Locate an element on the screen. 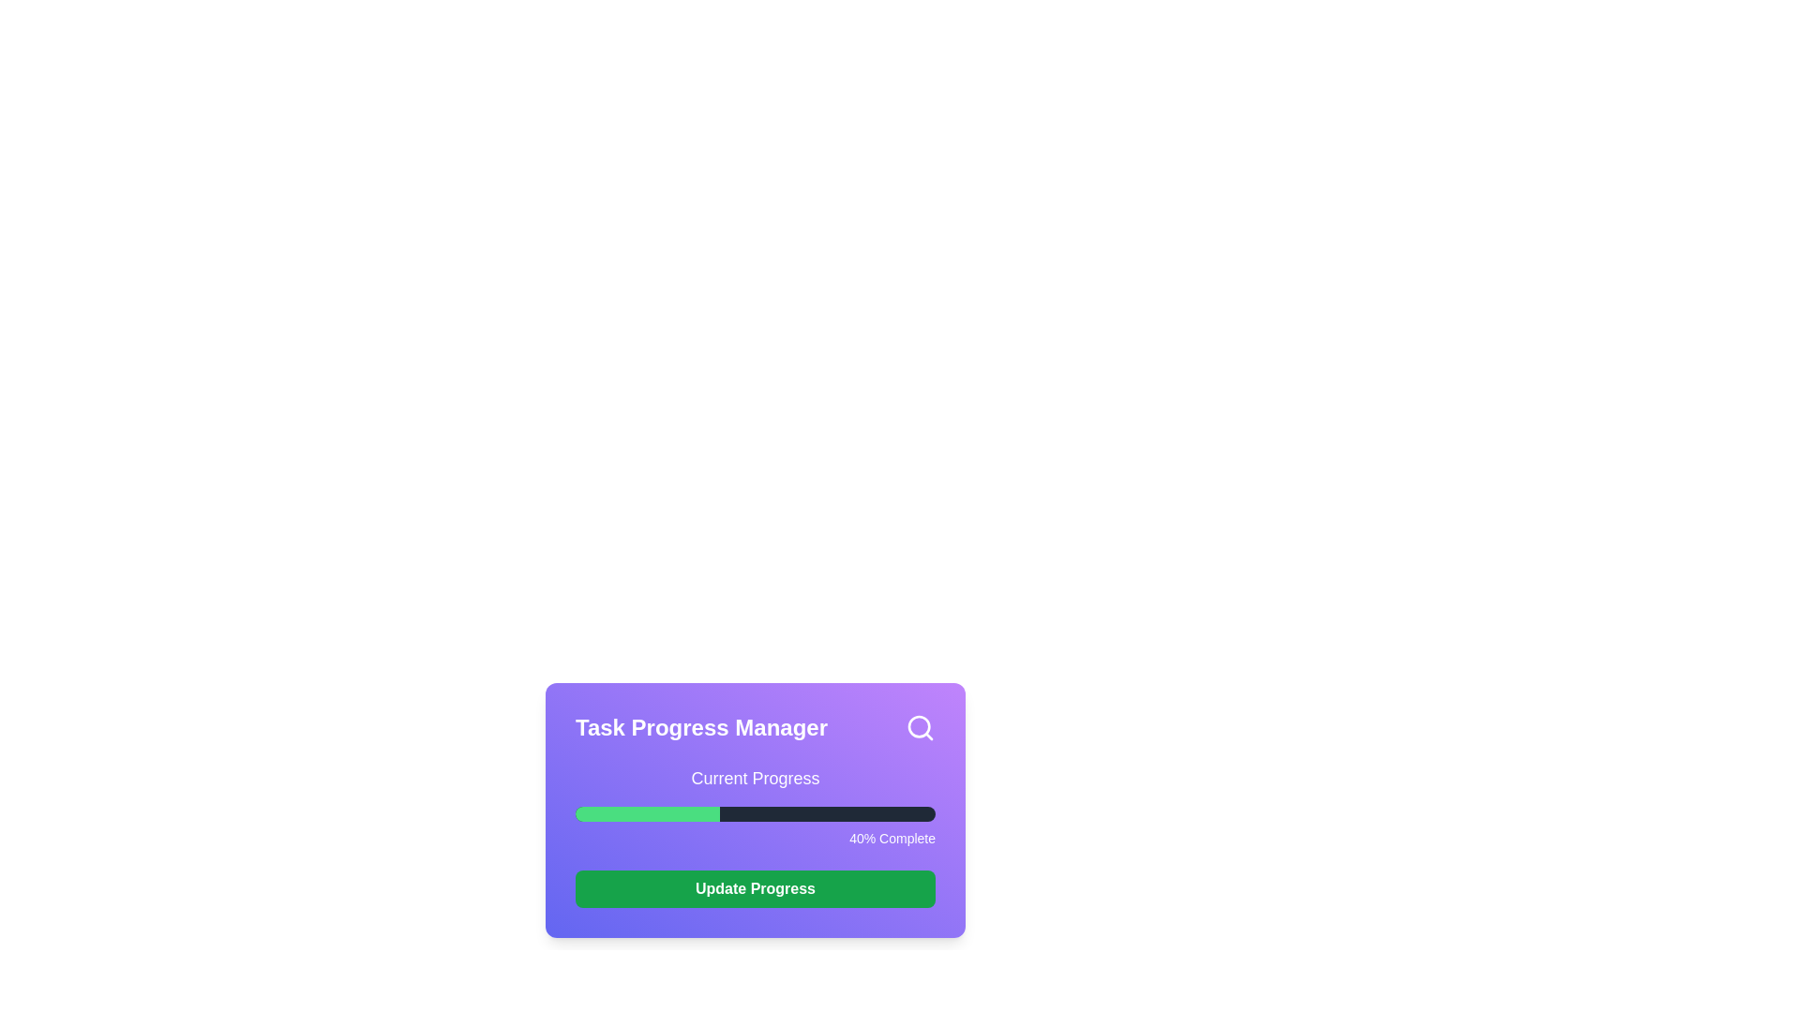 This screenshot has height=1012, width=1800. the circular graphic element of the magnifying glass icon located at the top-right corner of the 'Task Progress Manager' card for accessibility purposes is located at coordinates (919, 725).